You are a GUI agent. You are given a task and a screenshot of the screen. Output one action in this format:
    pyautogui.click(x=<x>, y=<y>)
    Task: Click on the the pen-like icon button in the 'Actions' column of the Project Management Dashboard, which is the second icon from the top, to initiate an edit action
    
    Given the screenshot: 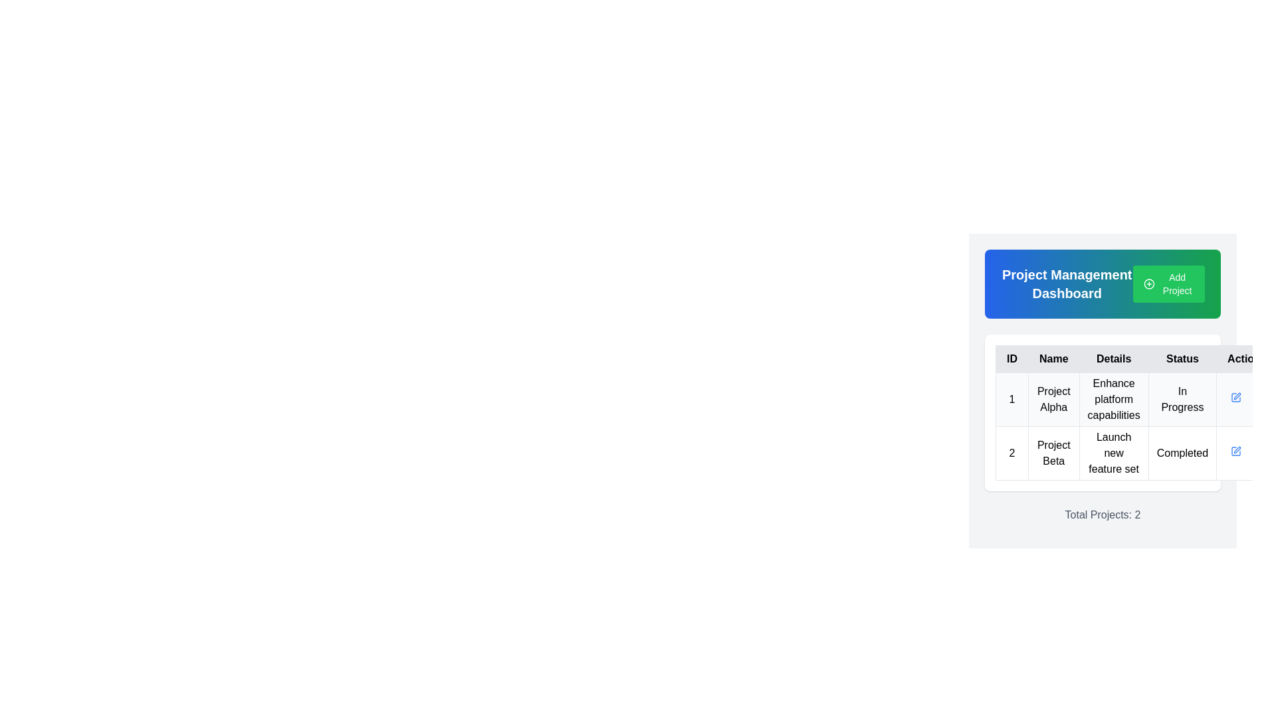 What is the action you would take?
    pyautogui.click(x=1237, y=396)
    